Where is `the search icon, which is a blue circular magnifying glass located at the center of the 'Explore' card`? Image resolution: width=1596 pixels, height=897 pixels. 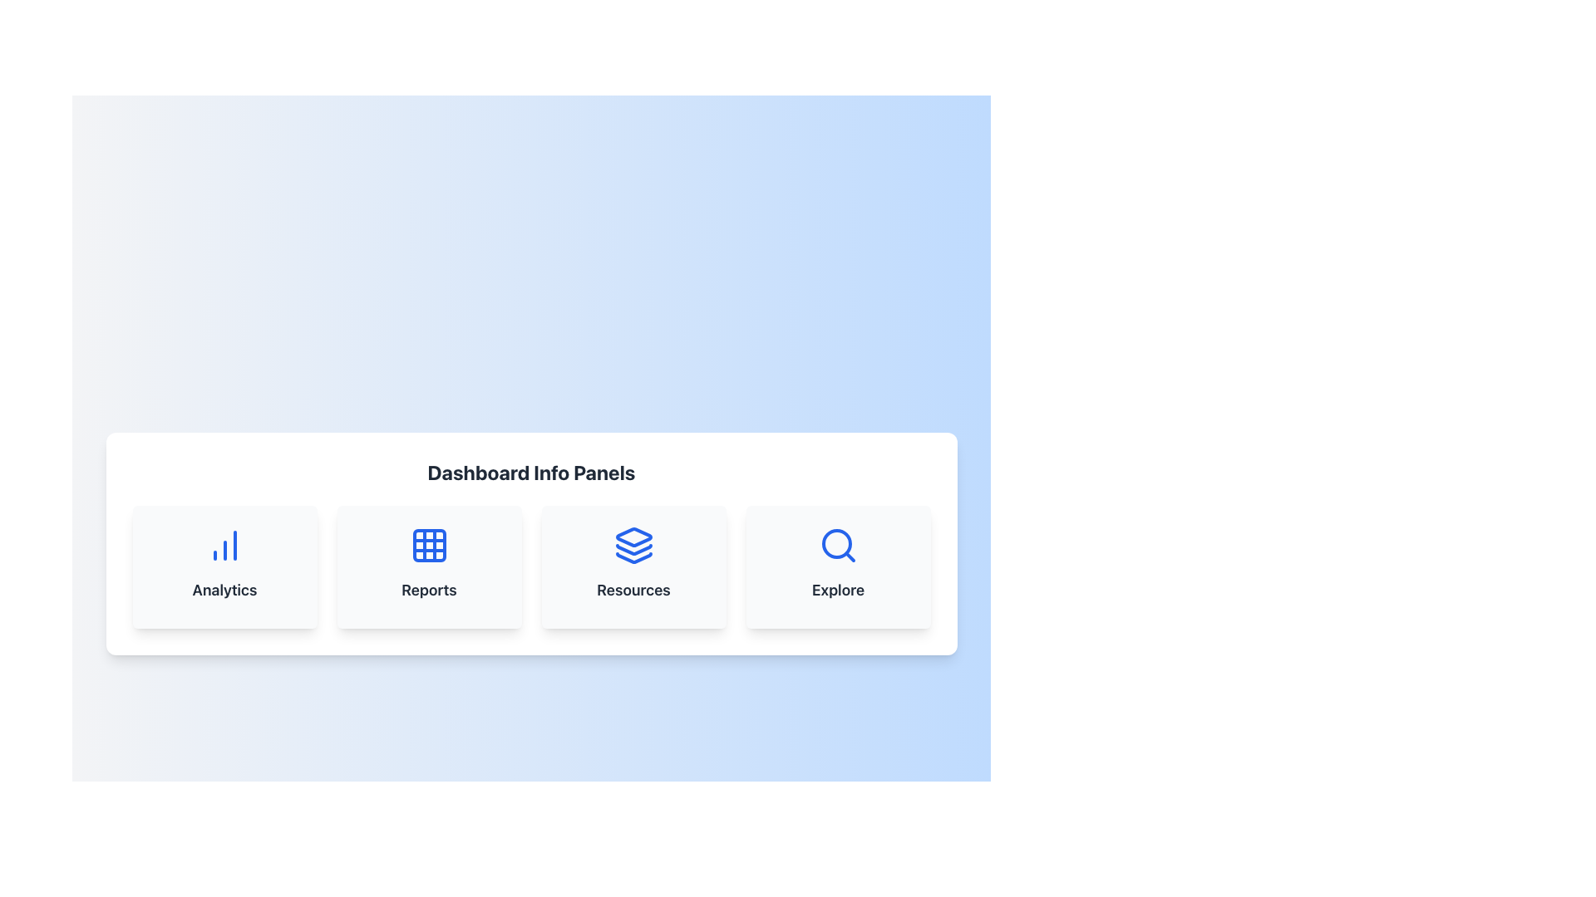
the search icon, which is a blue circular magnifying glass located at the center of the 'Explore' card is located at coordinates (838, 545).